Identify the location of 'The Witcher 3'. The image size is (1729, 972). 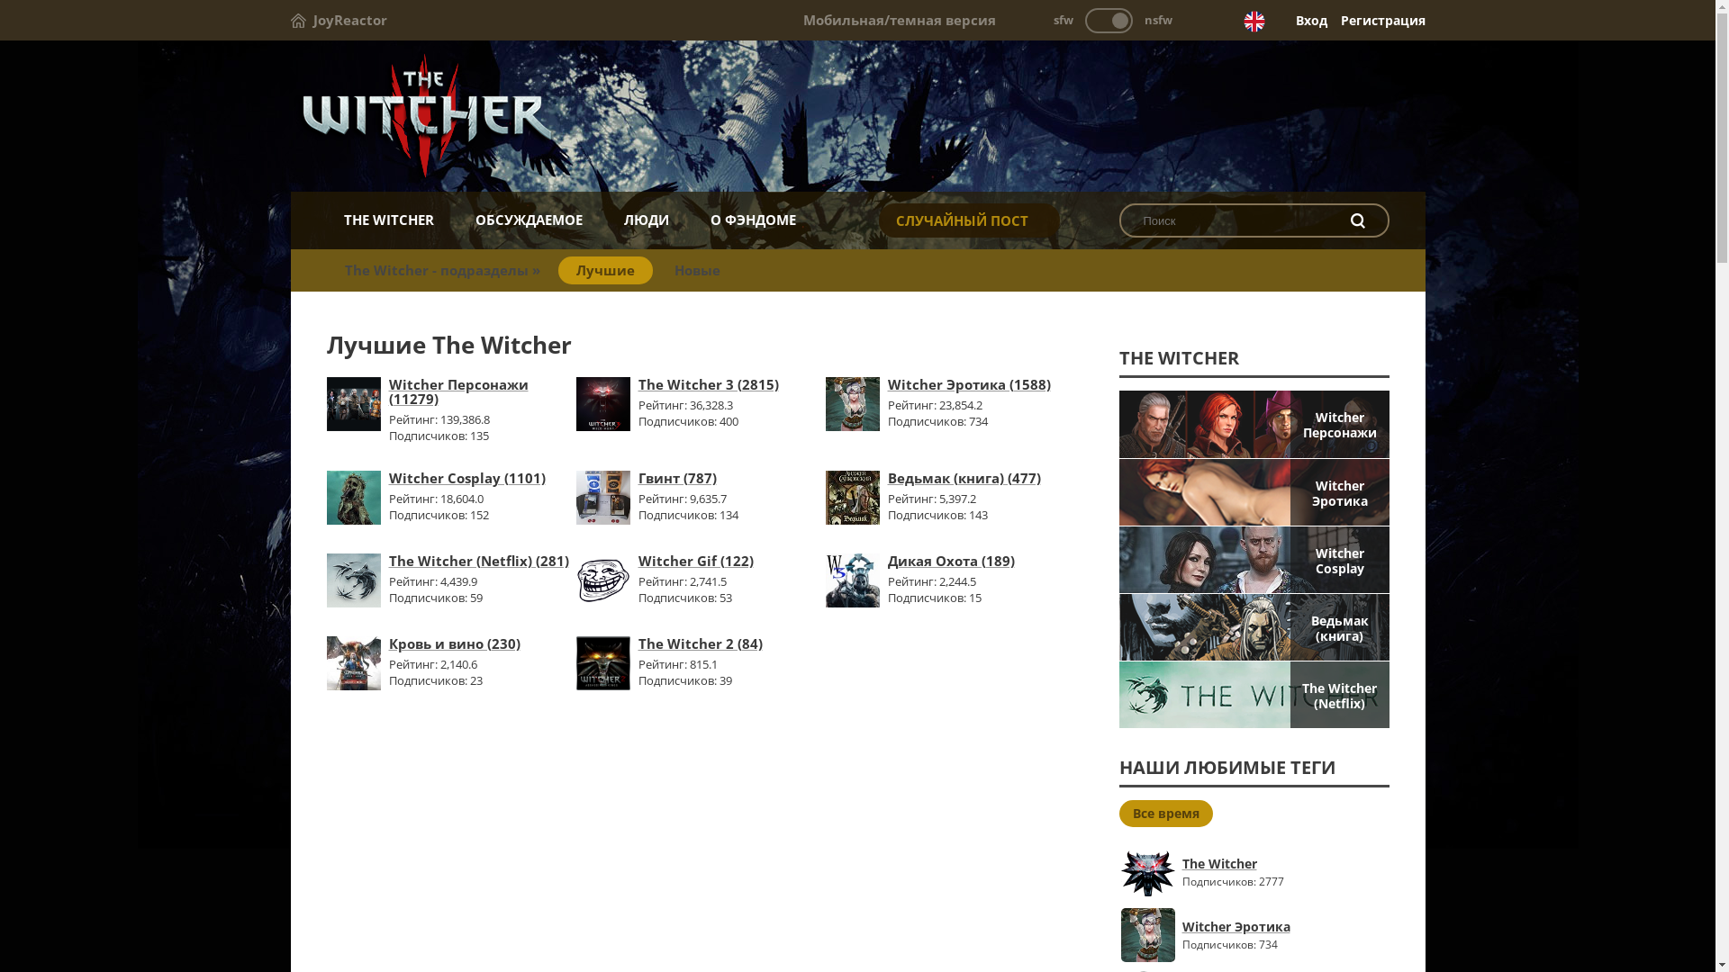
(603, 426).